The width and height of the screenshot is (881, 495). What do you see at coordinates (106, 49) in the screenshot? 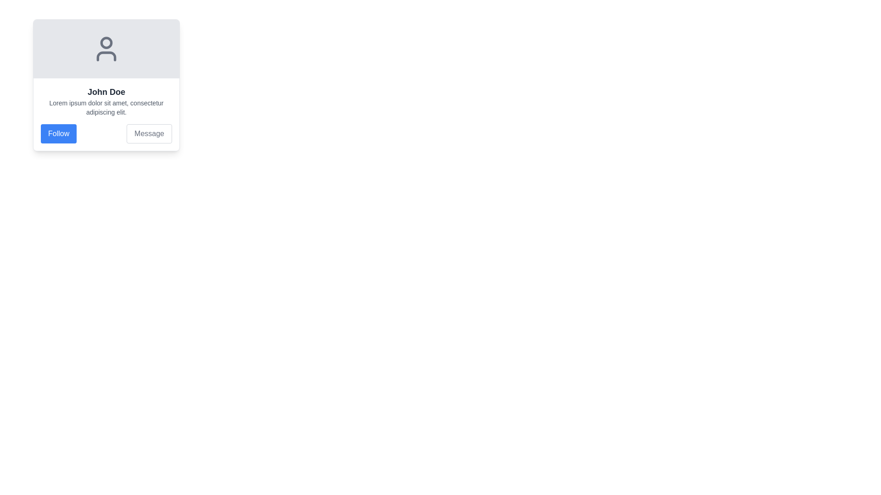
I see `the gray rectangular section at the top of the card layout that contains the centered user icon` at bounding box center [106, 49].